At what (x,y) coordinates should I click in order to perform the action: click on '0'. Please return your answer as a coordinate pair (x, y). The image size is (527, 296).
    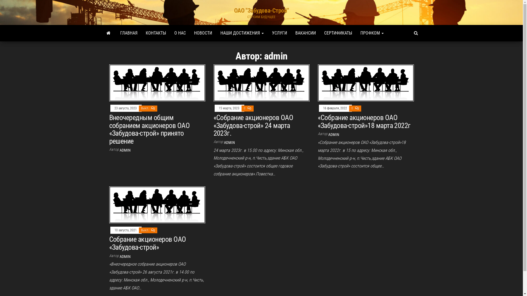
    Looking at the image, I should click on (245, 108).